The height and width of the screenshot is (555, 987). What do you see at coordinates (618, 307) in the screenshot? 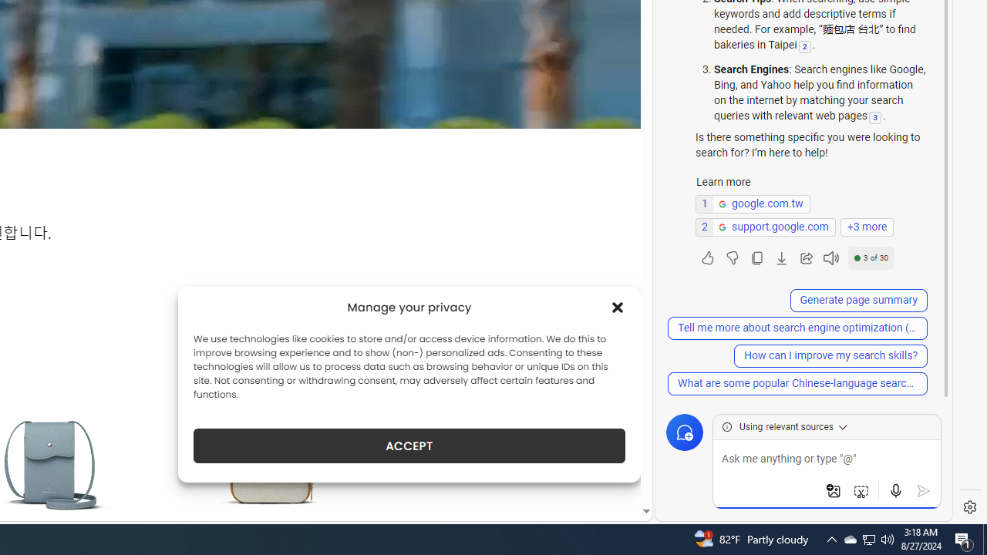
I see `'Class: cmplz-close'` at bounding box center [618, 307].